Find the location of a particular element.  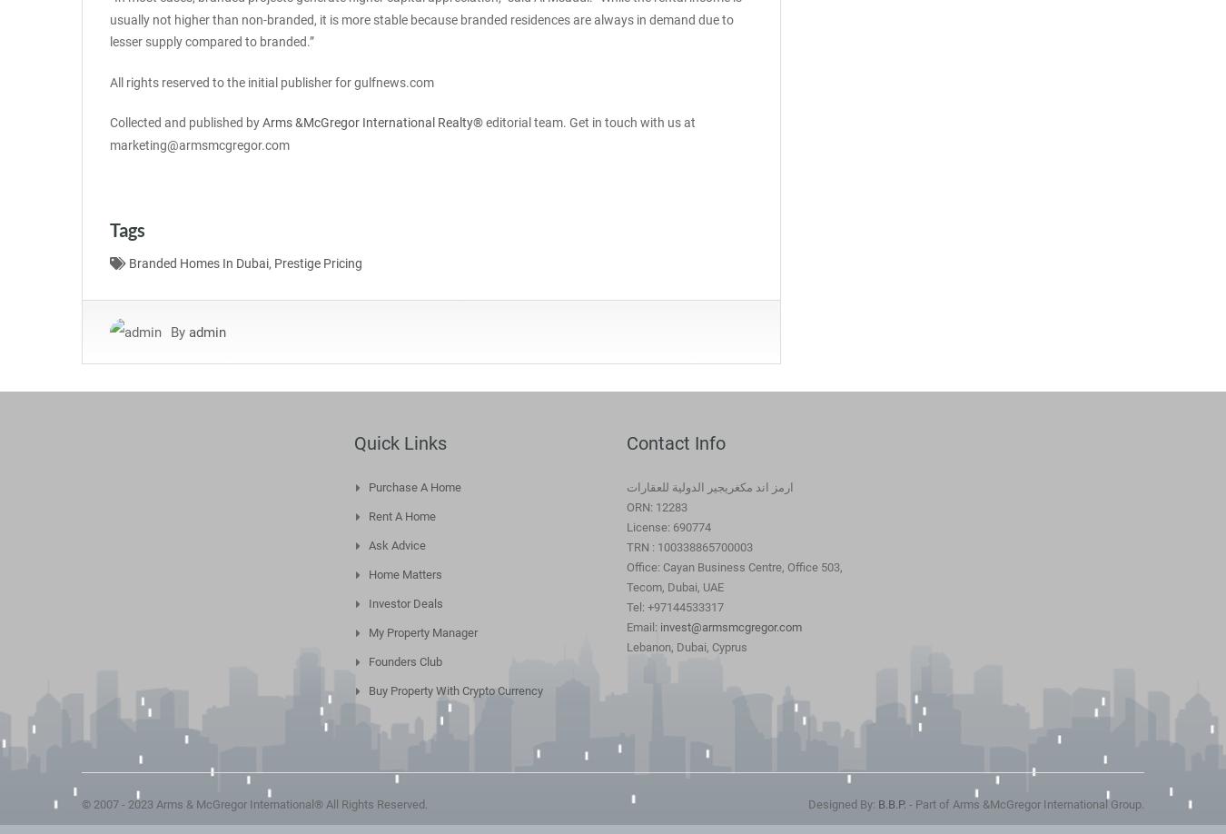

'Collected and published by' is located at coordinates (109, 122).